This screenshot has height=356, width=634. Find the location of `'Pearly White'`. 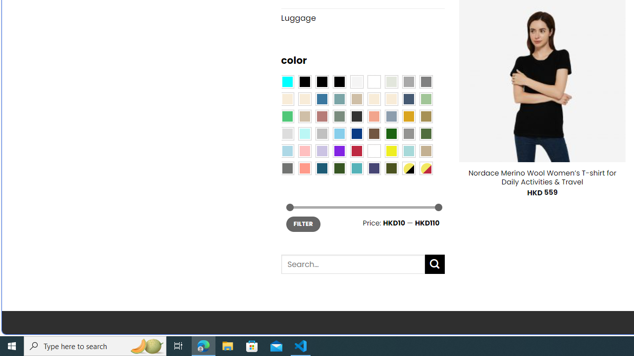

'Pearly White' is located at coordinates (357, 81).